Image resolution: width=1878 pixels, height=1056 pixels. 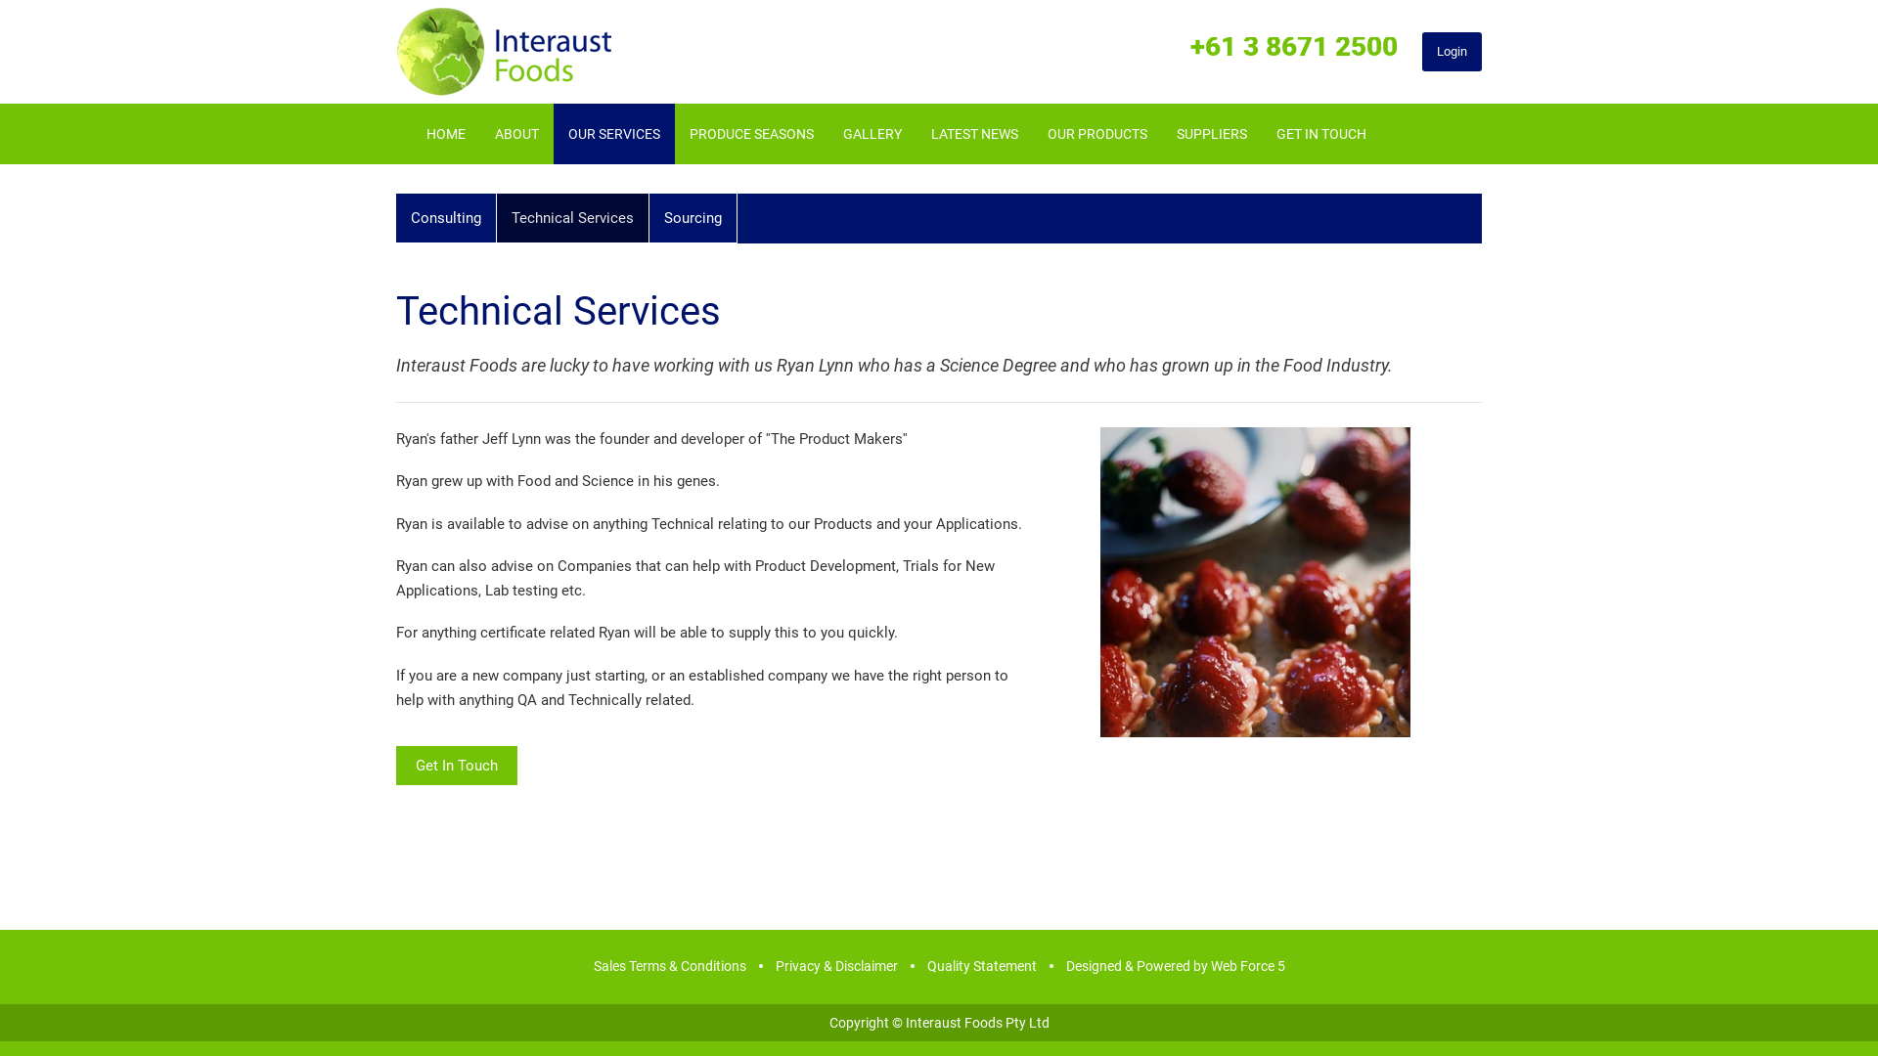 What do you see at coordinates (516, 133) in the screenshot?
I see `'ABOUT'` at bounding box center [516, 133].